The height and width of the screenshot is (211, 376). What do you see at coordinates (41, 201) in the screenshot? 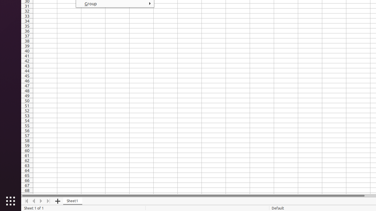
I see `'Move Right'` at bounding box center [41, 201].